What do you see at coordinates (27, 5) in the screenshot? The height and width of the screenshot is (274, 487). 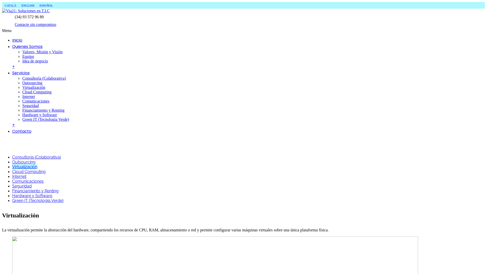 I see `'ENGLISH'` at bounding box center [27, 5].